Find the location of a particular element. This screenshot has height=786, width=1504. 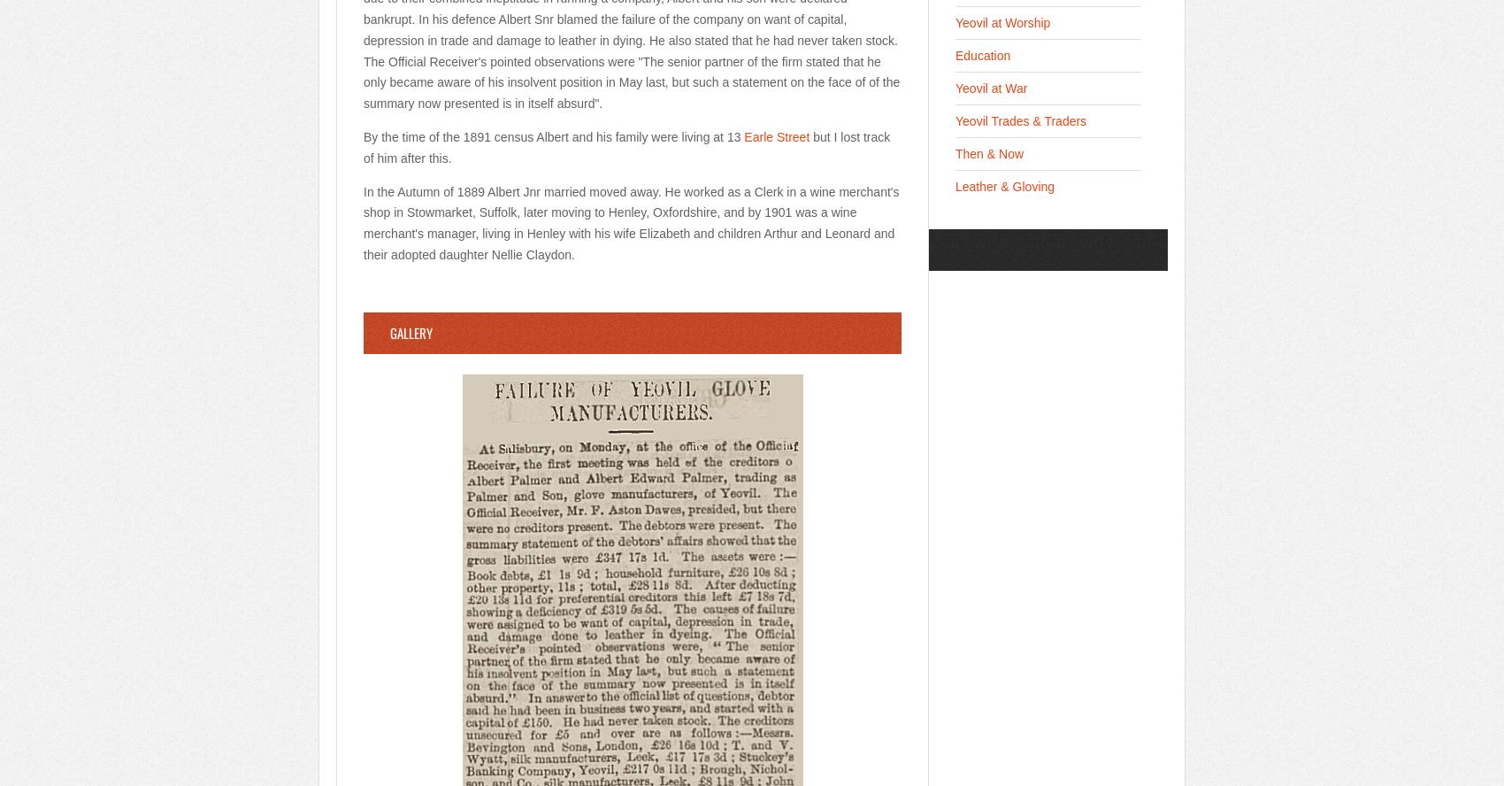

'In the Autumn of 
																1889 Albert Jnr 
																married moved 
																away. He worked 
																as a Clerk in a 
																wine merchant's 
																shop in 
																Stowmarket, 
																Suffolk, later 
																moving to 
																Henley, 
																Oxfordshire, and 
																by 1901 was a 
																wine merchant's 
																manager, living 
																in Henley with 
																his wife 
																Elizabeth and 
																children Arthur 
																and Leonard and 
																their adopted 
																daughter Nellie 
																Claydon.' is located at coordinates (363, 222).